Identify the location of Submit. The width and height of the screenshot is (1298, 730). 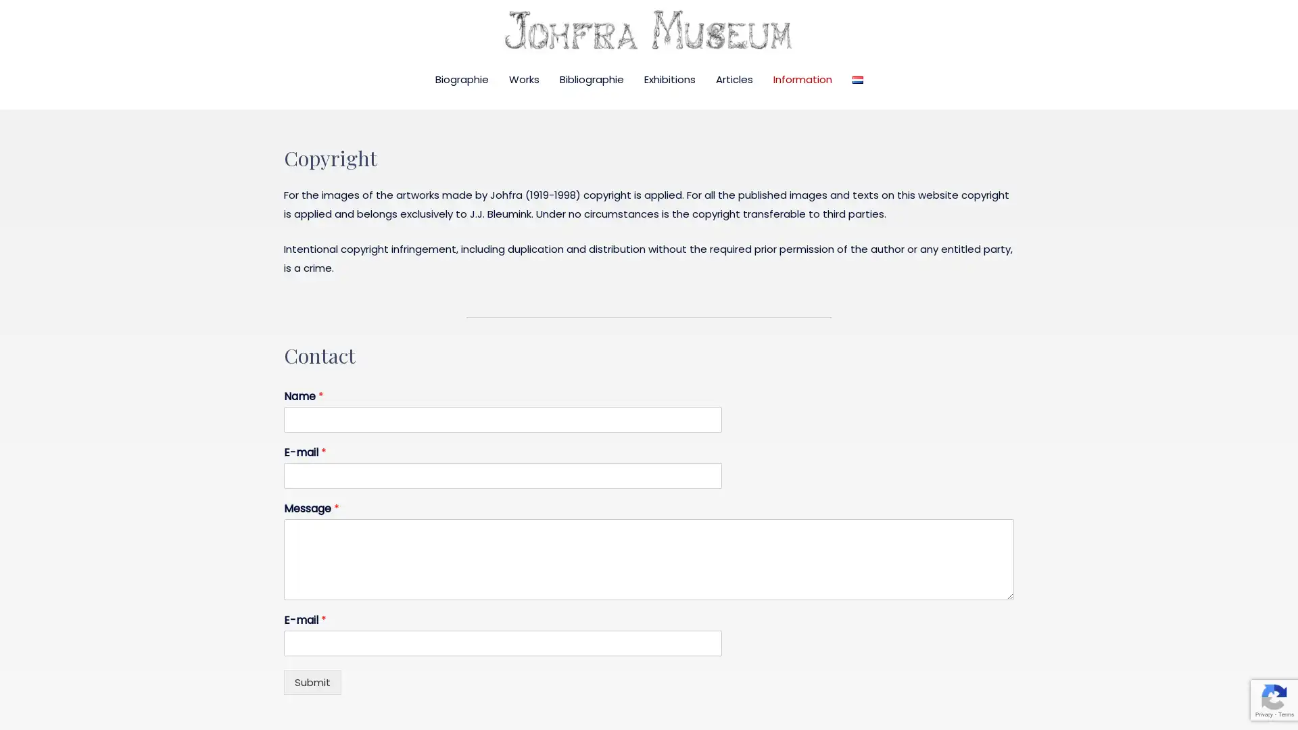
(312, 681).